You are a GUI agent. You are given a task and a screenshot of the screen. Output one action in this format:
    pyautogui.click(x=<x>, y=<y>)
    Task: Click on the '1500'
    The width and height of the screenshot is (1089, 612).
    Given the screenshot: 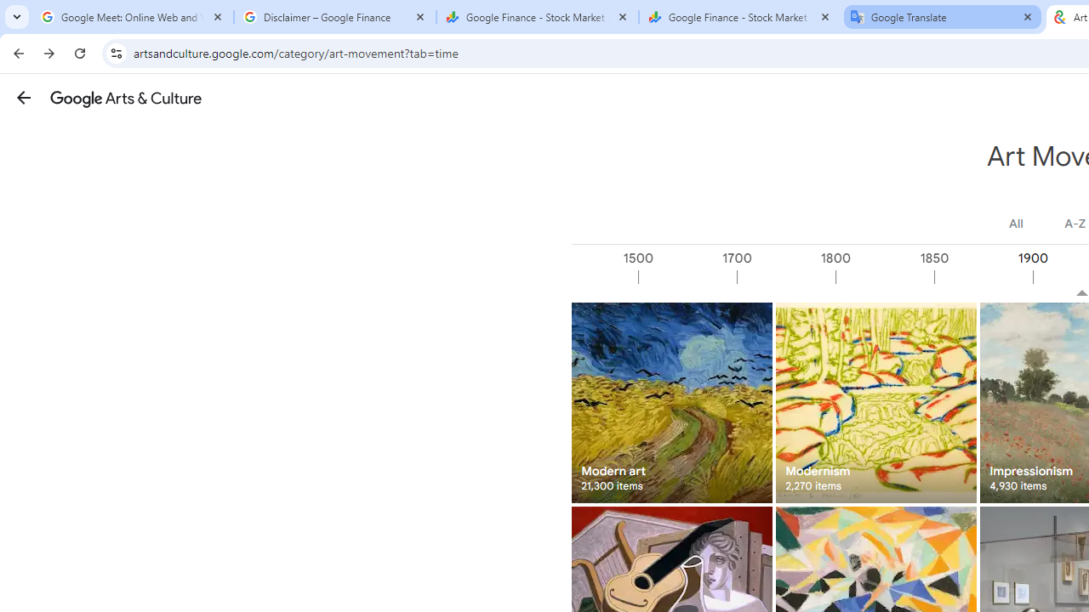 What is the action you would take?
    pyautogui.click(x=687, y=276)
    